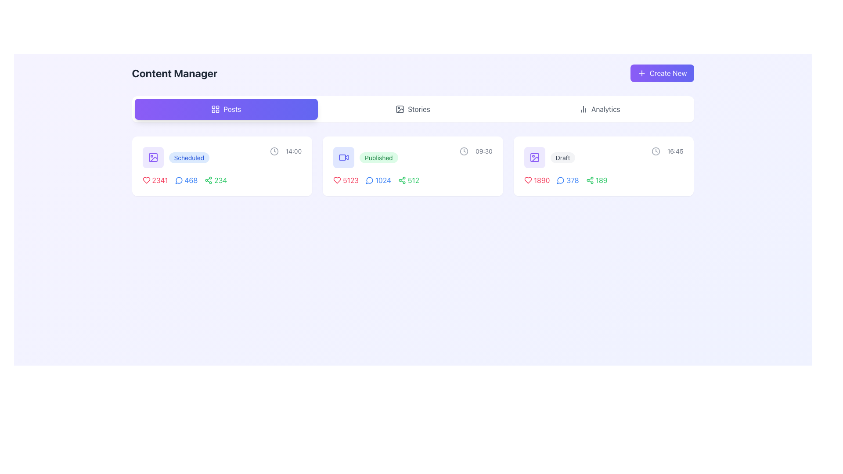 Image resolution: width=843 pixels, height=474 pixels. Describe the element at coordinates (662, 72) in the screenshot. I see `the 'Create New' button with a gradient background and white text` at that location.